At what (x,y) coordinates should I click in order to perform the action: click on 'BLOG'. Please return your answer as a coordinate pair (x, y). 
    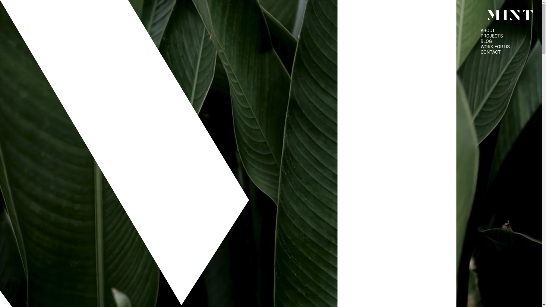
    Looking at the image, I should click on (486, 41).